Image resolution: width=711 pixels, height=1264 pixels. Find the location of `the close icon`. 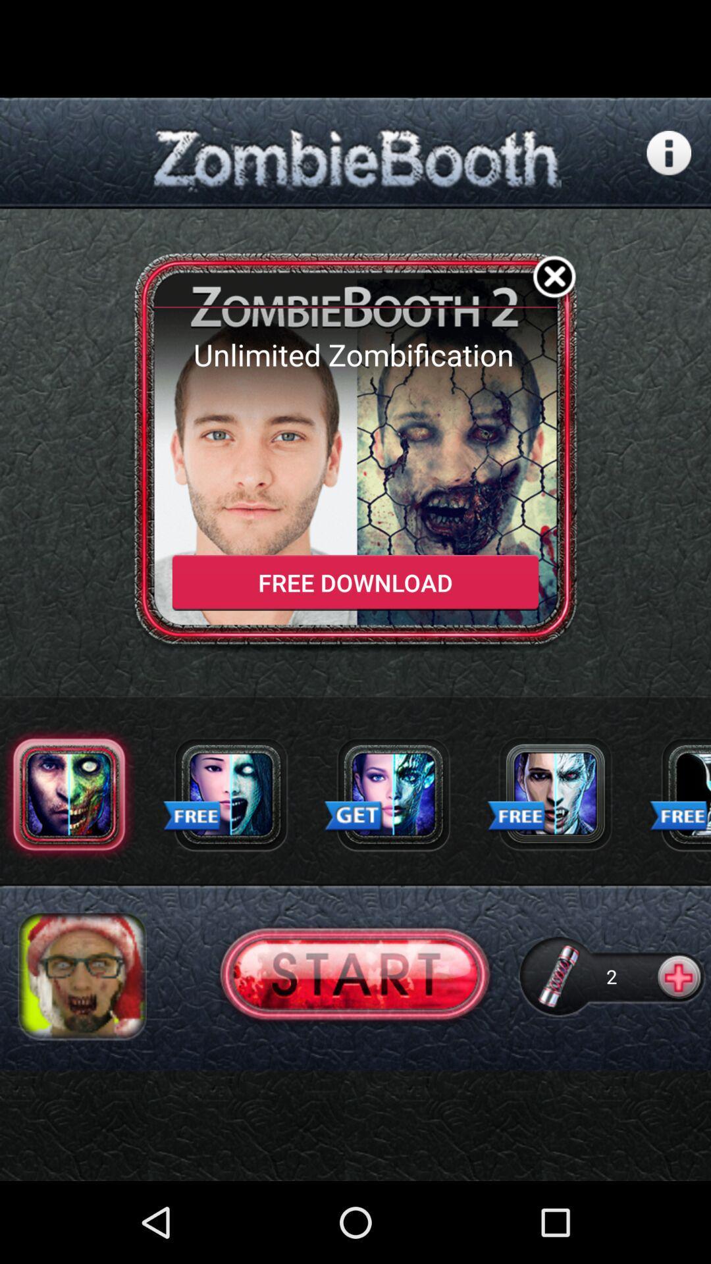

the close icon is located at coordinates (554, 298).